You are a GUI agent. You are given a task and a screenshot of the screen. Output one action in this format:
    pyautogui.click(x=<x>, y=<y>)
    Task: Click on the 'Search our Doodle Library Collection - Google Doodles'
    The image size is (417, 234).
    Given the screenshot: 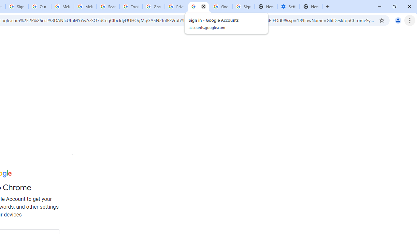 What is the action you would take?
    pyautogui.click(x=108, y=6)
    